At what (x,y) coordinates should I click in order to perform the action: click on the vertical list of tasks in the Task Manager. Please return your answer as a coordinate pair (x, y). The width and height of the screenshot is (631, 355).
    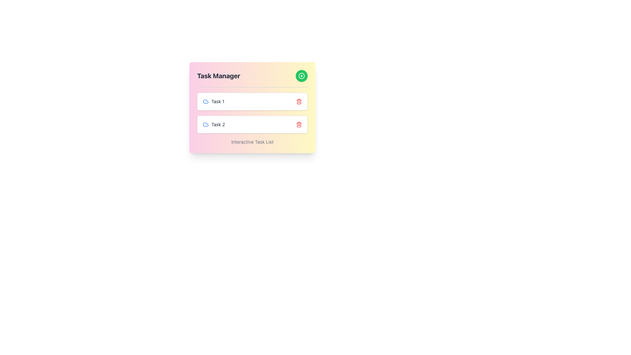
    Looking at the image, I should click on (252, 112).